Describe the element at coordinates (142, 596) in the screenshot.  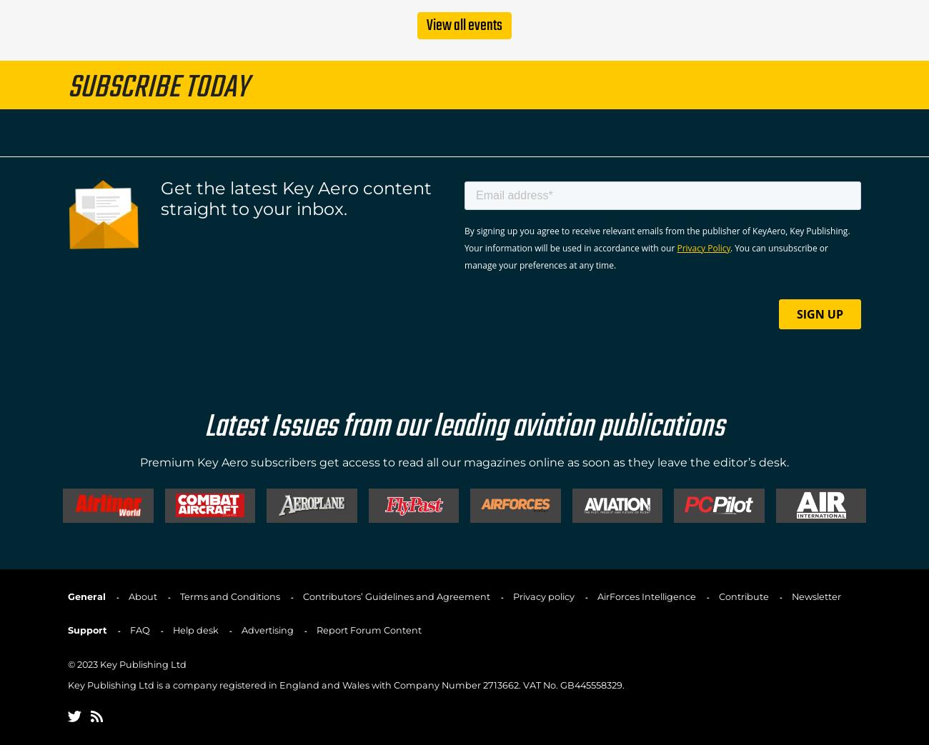
I see `'About'` at that location.